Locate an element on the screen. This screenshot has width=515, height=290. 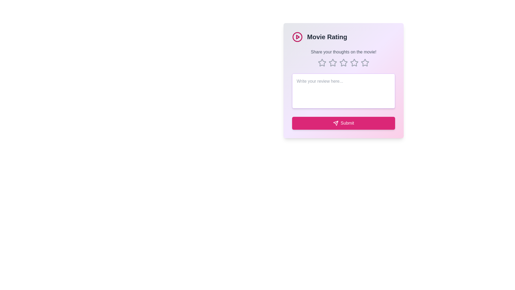
the first outlined star icon in the horizontal row of rating stars located under the title 'Share your thoughts on the movie!' is located at coordinates (322, 63).